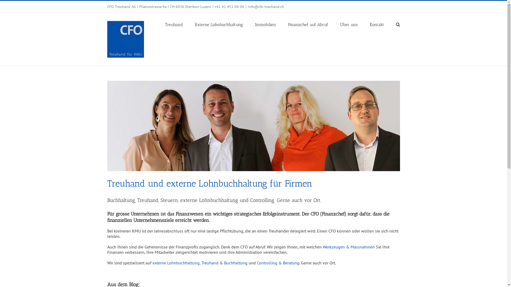 Image resolution: width=511 pixels, height=287 pixels. I want to click on 'Kontakt', so click(376, 24).